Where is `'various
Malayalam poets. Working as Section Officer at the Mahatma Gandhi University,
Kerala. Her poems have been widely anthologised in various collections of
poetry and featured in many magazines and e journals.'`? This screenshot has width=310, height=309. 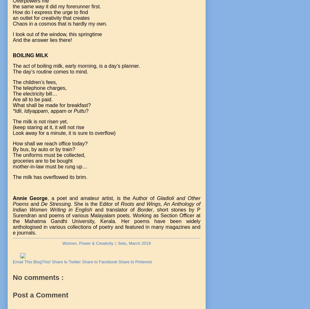
'various
Malayalam poets. Working as Section Officer at the Mahatma Gandhi University,
Kerala. Her poems have been widely anthologised in various collections of
poetry and featured in many magazines and e journals.' is located at coordinates (106, 224).